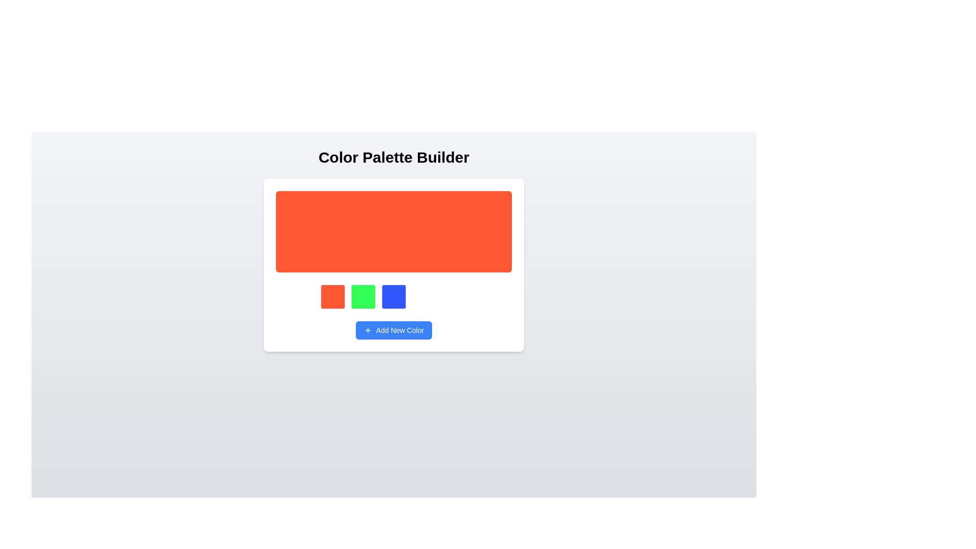  What do you see at coordinates (393, 231) in the screenshot?
I see `the prominent red rectangular display area with rounded corners, which serves as the main visual centerpiece above other interactive elements` at bounding box center [393, 231].